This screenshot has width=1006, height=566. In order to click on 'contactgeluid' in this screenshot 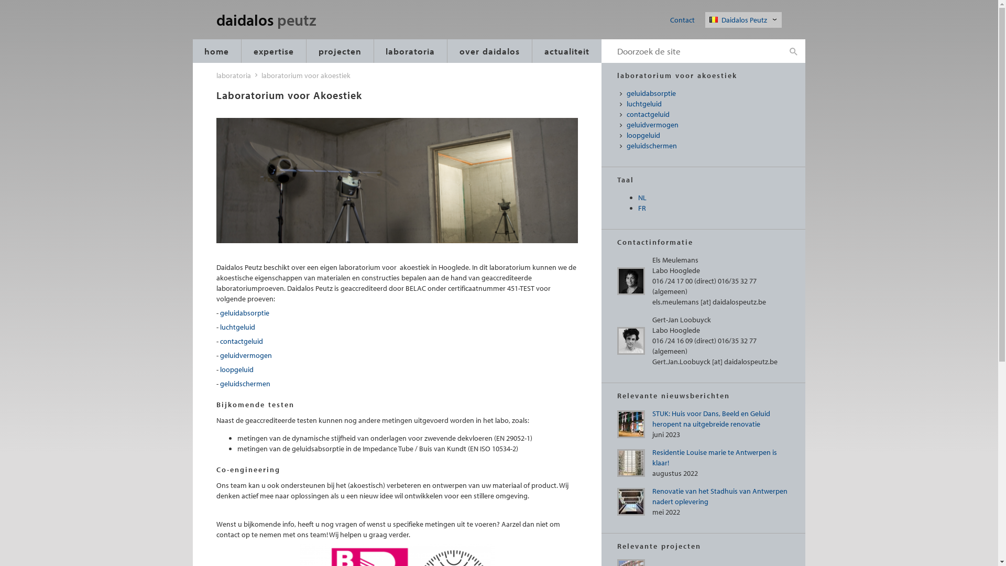, I will do `click(240, 341)`.